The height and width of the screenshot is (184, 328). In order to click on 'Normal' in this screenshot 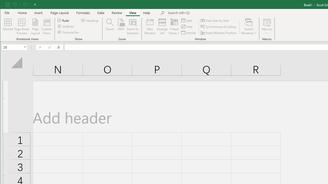, I will do `click(8, 27)`.